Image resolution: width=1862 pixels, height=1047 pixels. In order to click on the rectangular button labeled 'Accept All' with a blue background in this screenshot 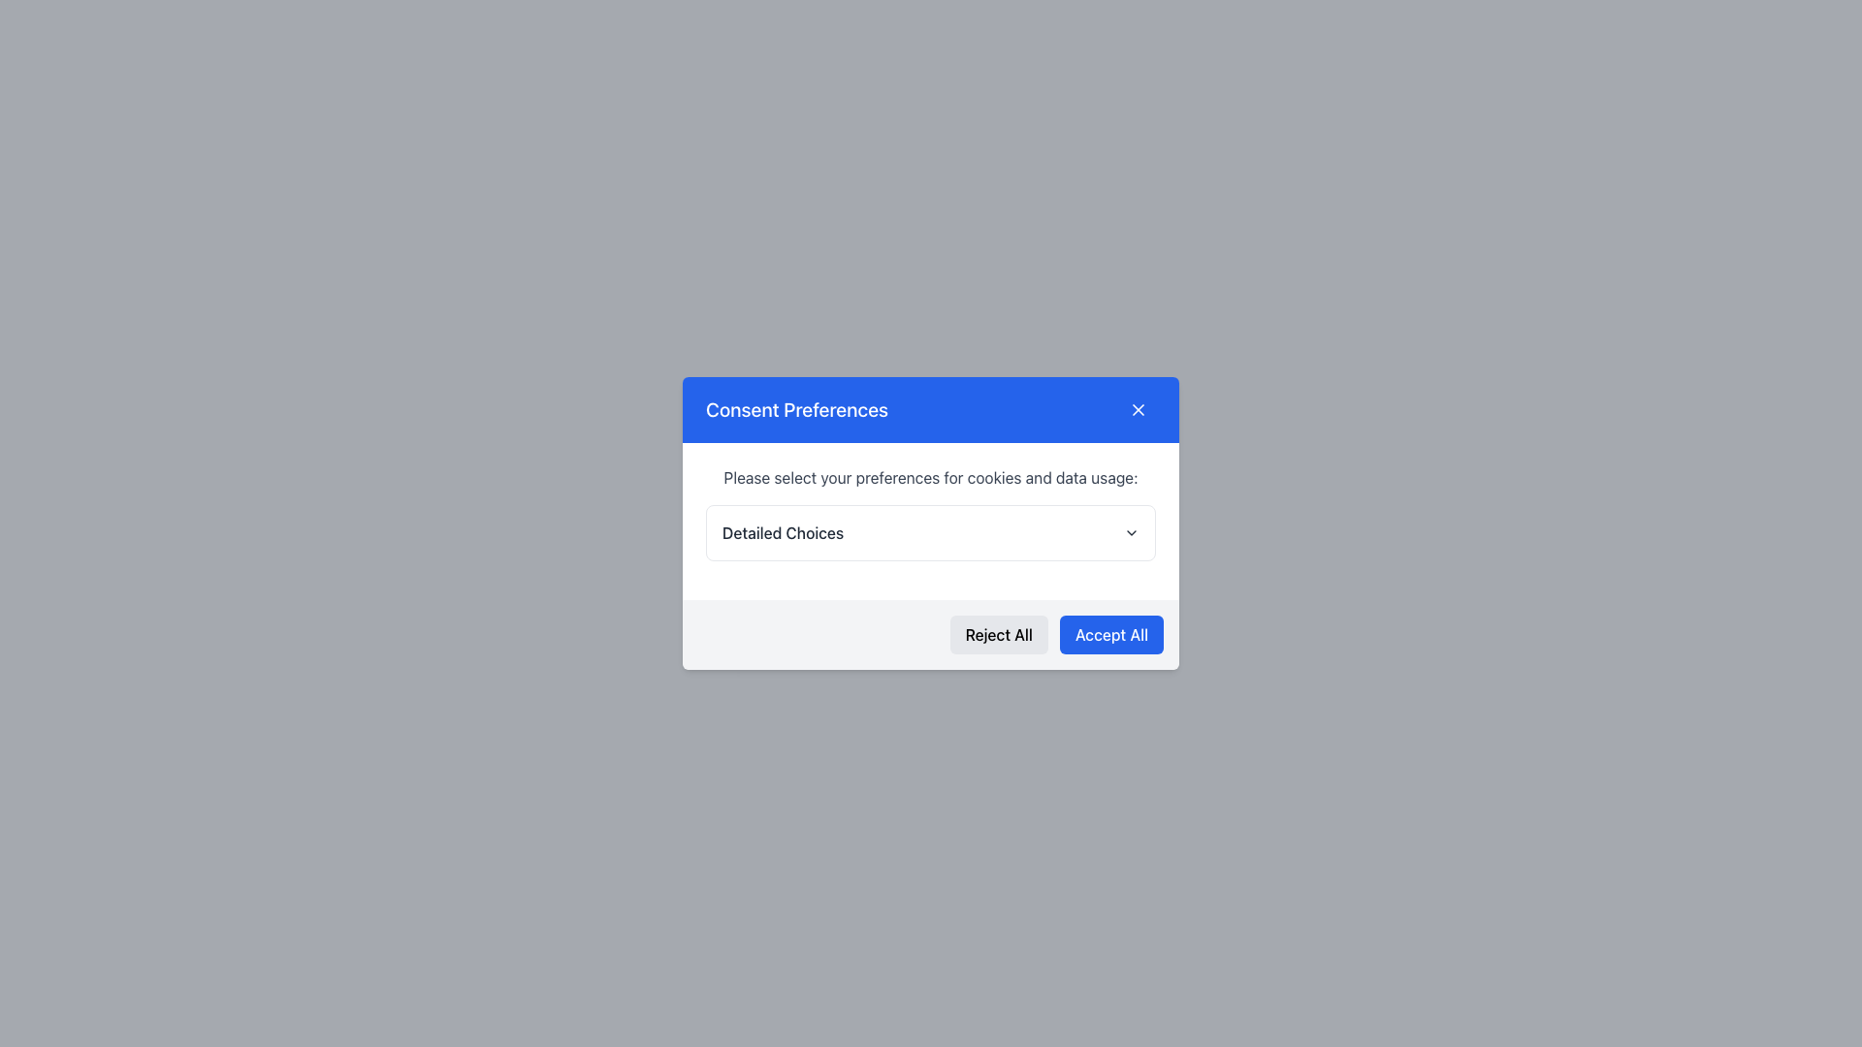, I will do `click(1111, 635)`.